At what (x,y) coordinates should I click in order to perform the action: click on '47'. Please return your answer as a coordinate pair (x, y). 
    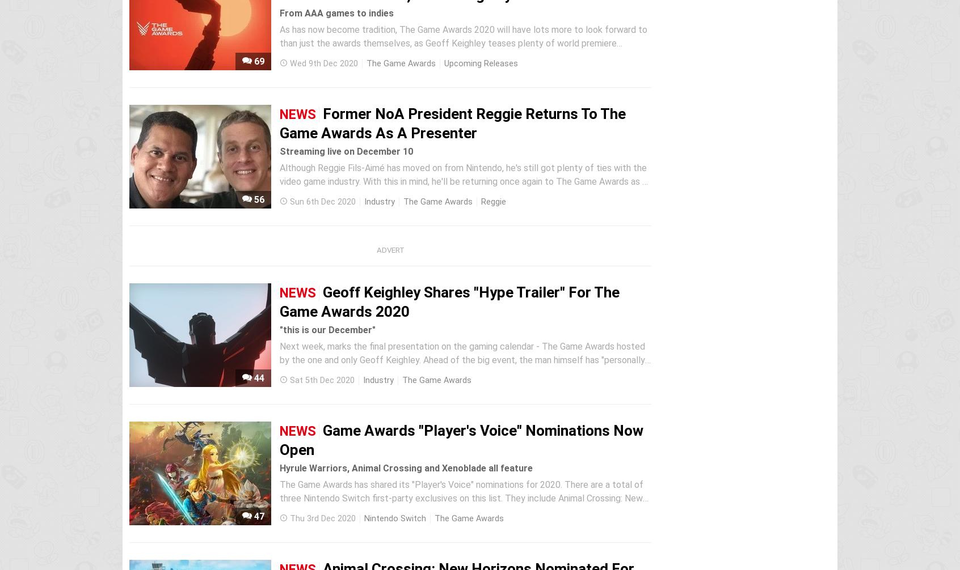
    Looking at the image, I should click on (257, 516).